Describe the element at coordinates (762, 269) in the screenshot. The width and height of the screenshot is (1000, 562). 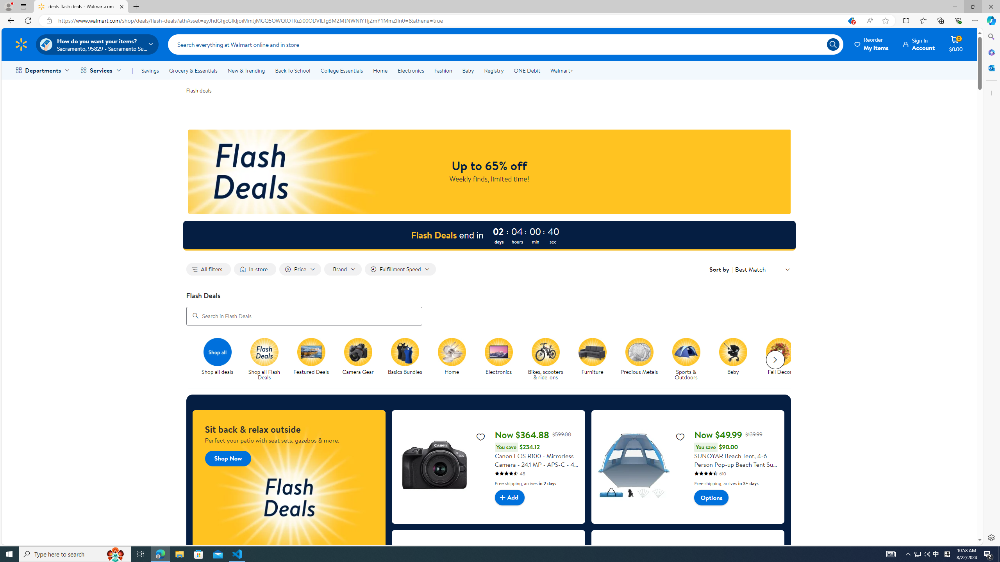
I see `'Sort by Best Match'` at that location.